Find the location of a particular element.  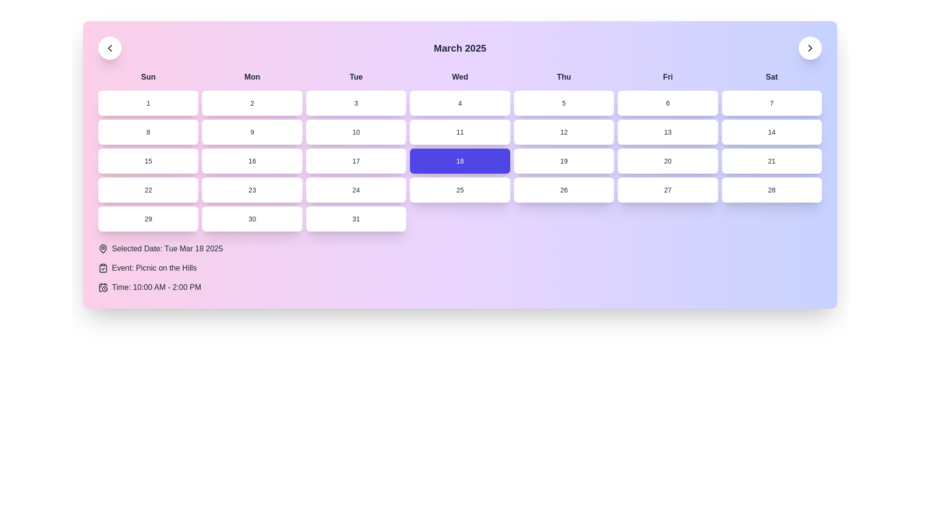

the bottom part of the map pin symbol, which represents a point of interest or location marker is located at coordinates (103, 248).